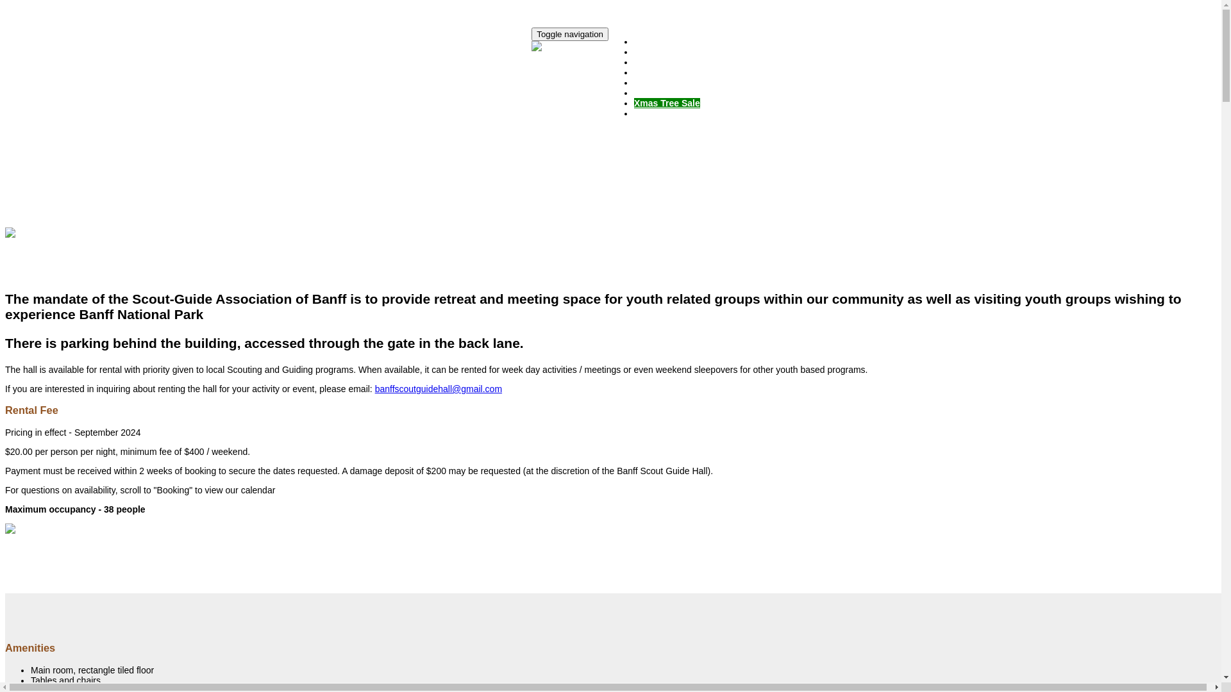 This screenshot has width=1231, height=692. I want to click on 'Contact', so click(650, 113).